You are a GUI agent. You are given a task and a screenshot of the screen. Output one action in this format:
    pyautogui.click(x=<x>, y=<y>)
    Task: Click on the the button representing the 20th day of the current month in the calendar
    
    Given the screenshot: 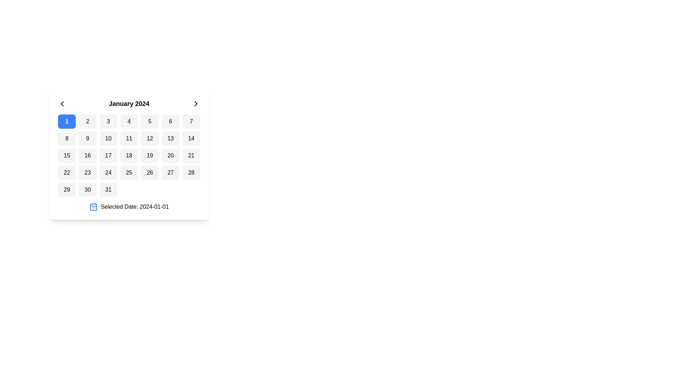 What is the action you would take?
    pyautogui.click(x=170, y=155)
    